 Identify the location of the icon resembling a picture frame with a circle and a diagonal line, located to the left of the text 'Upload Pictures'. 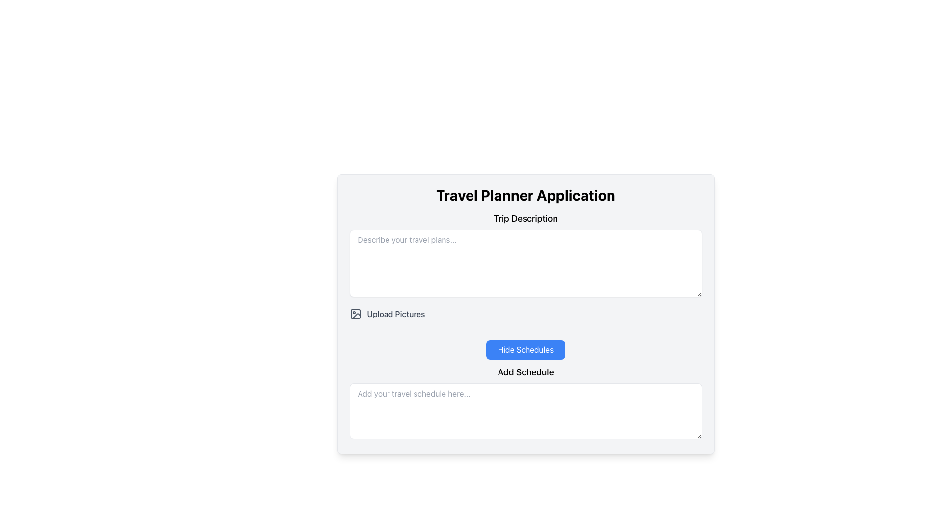
(355, 314).